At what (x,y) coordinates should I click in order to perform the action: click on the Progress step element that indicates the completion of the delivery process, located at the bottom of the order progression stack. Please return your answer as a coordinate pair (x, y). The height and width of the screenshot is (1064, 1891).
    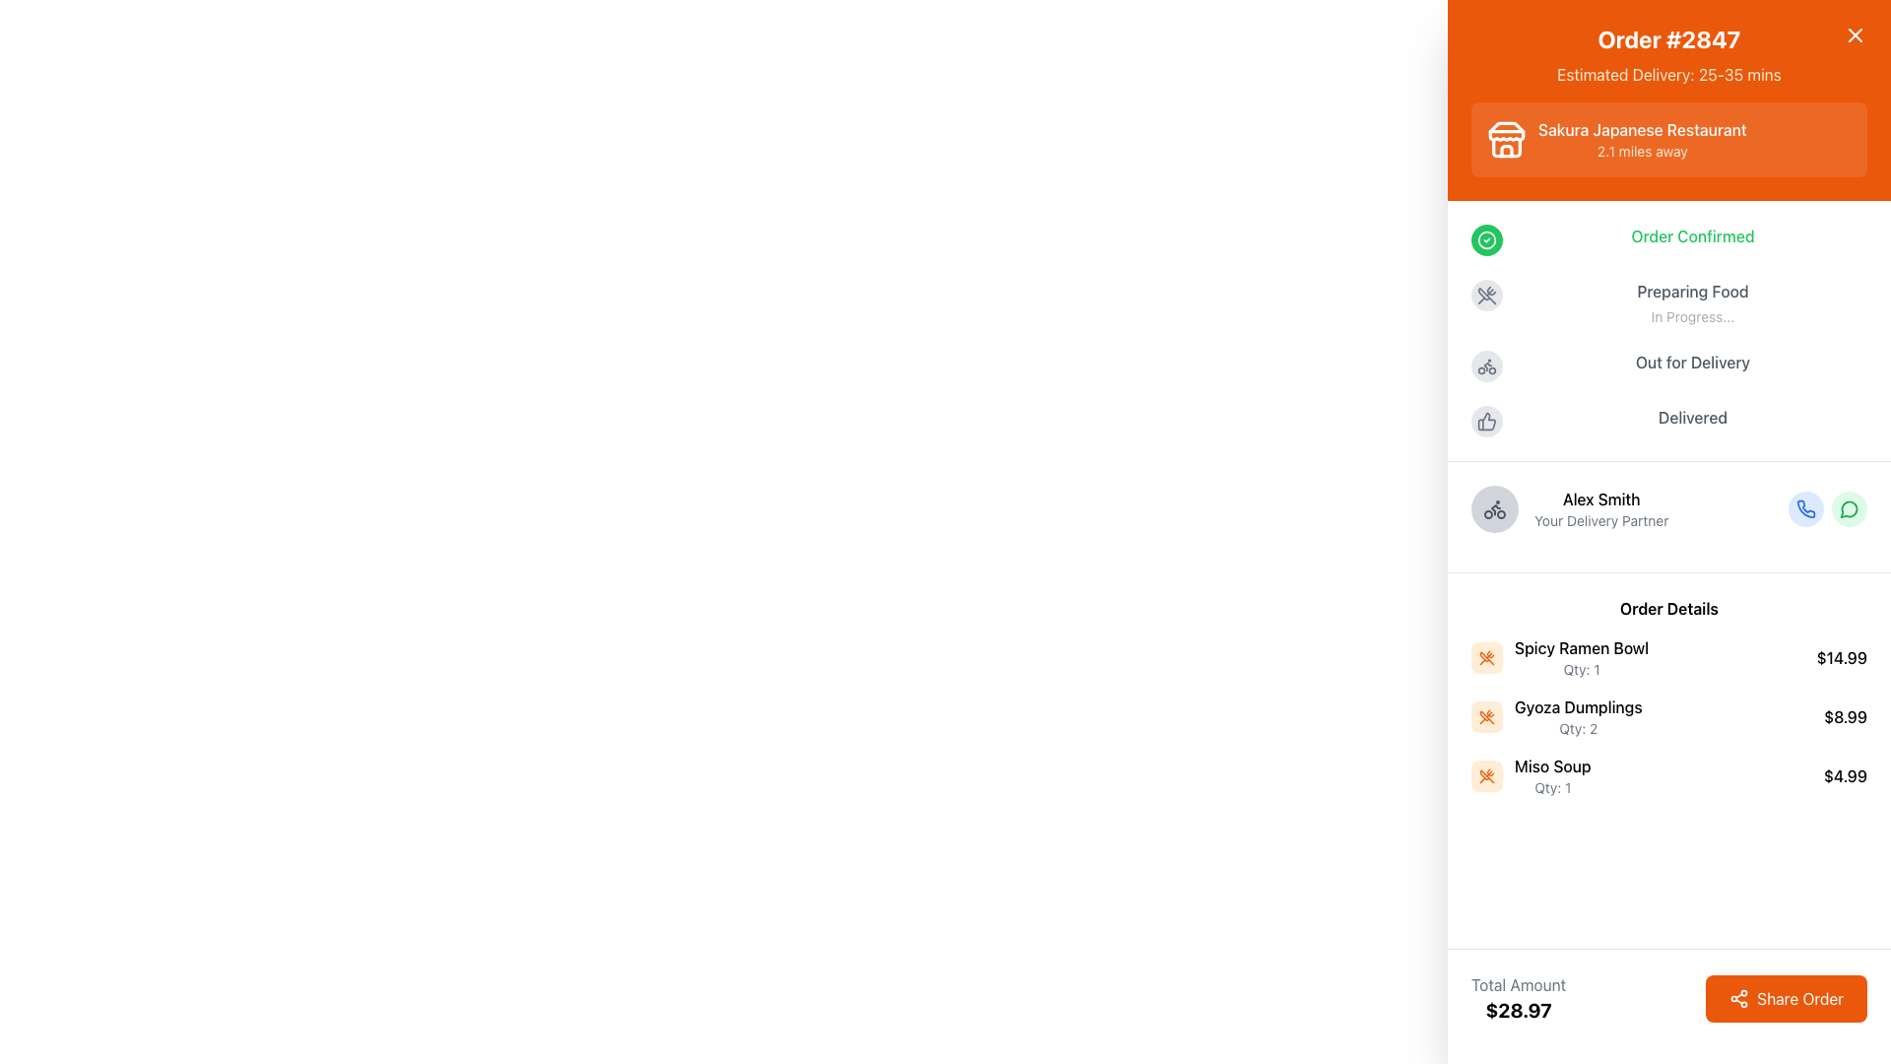
    Looking at the image, I should click on (1667, 421).